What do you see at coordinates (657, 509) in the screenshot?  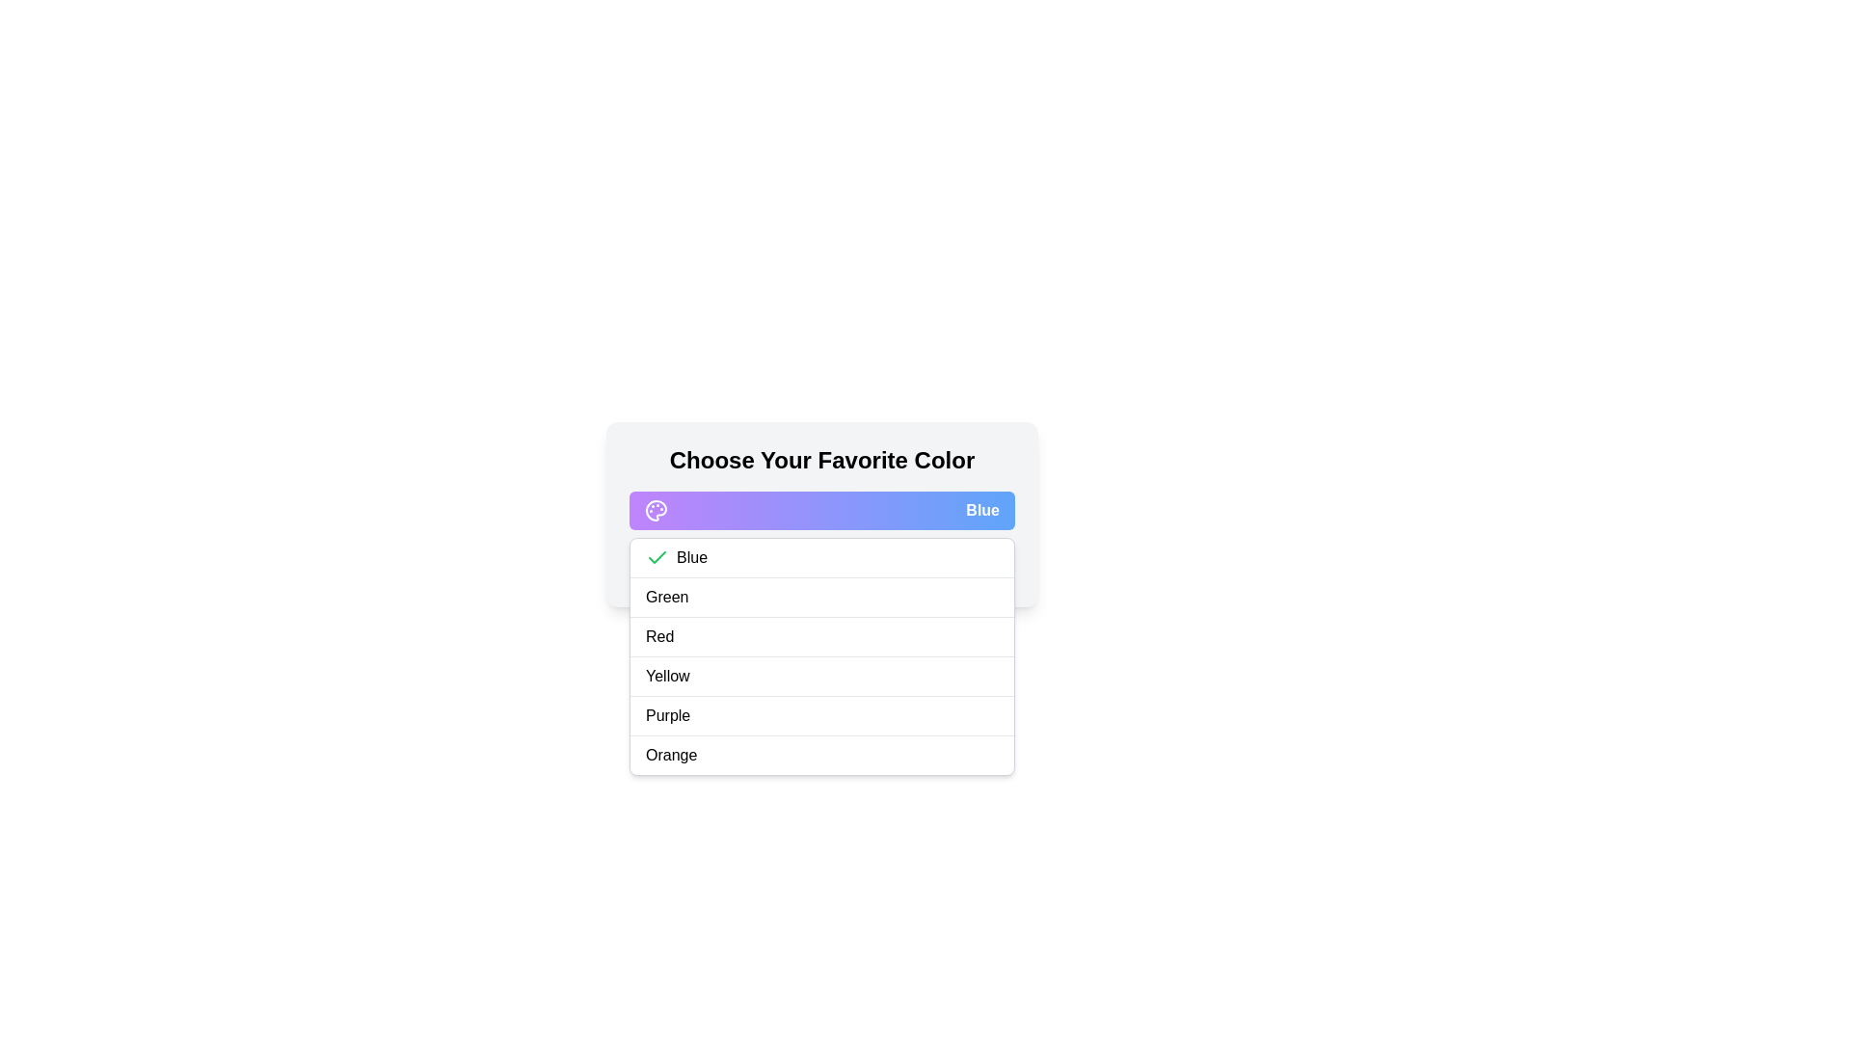 I see `the circular palette icon styled in purple, located to the left of the title 'Choose Your Favorite Color'` at bounding box center [657, 509].